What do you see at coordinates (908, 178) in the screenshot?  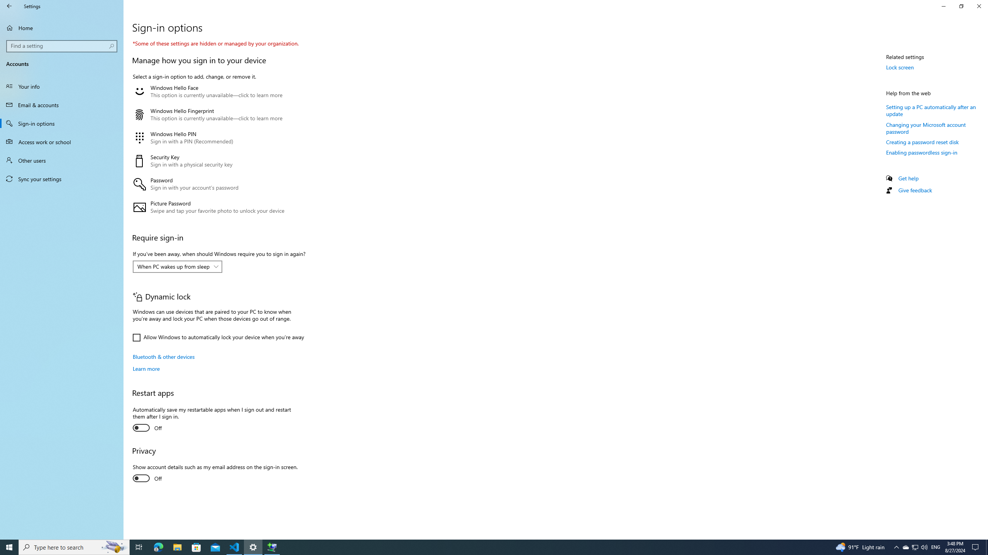 I see `'Get help'` at bounding box center [908, 178].